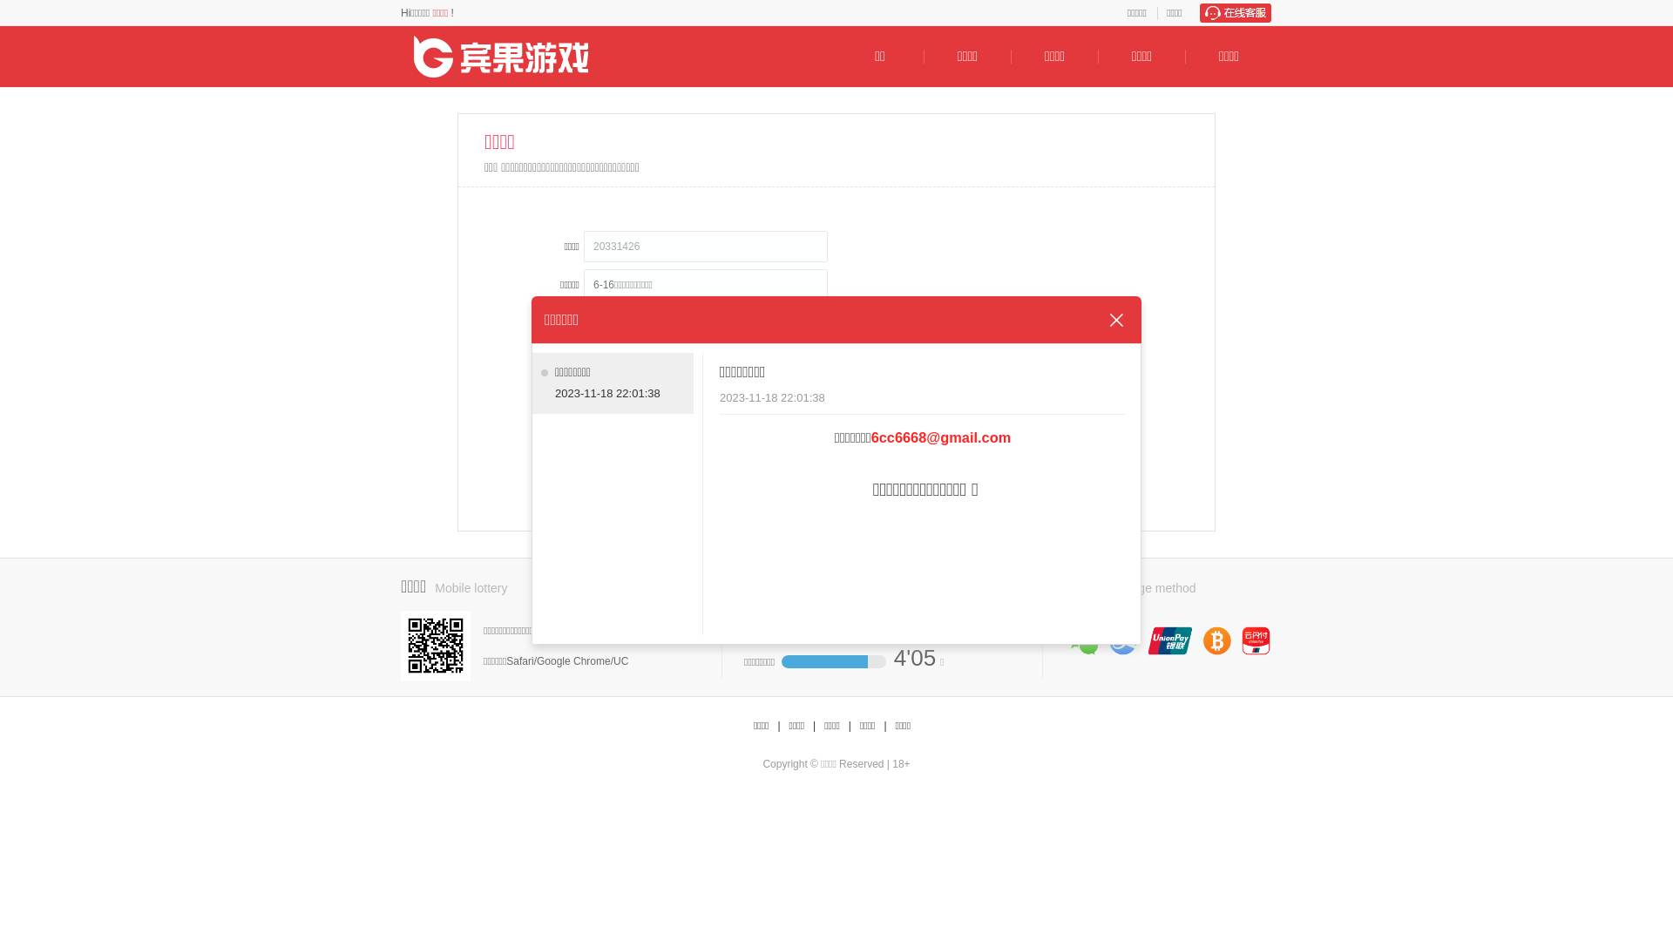 Image resolution: width=1673 pixels, height=941 pixels. Describe the element at coordinates (813, 726) in the screenshot. I see `'|'` at that location.